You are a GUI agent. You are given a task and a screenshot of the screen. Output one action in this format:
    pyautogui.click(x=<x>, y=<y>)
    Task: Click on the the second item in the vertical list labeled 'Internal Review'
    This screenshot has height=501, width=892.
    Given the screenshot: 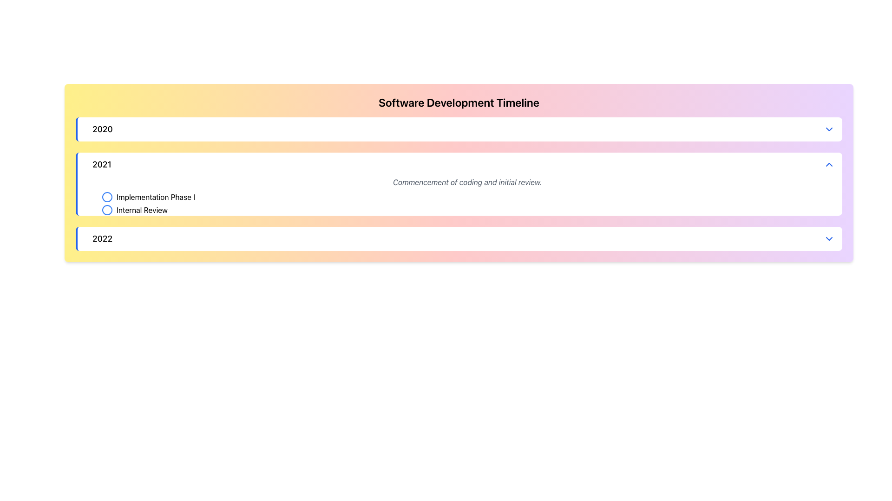 What is the action you would take?
    pyautogui.click(x=467, y=203)
    